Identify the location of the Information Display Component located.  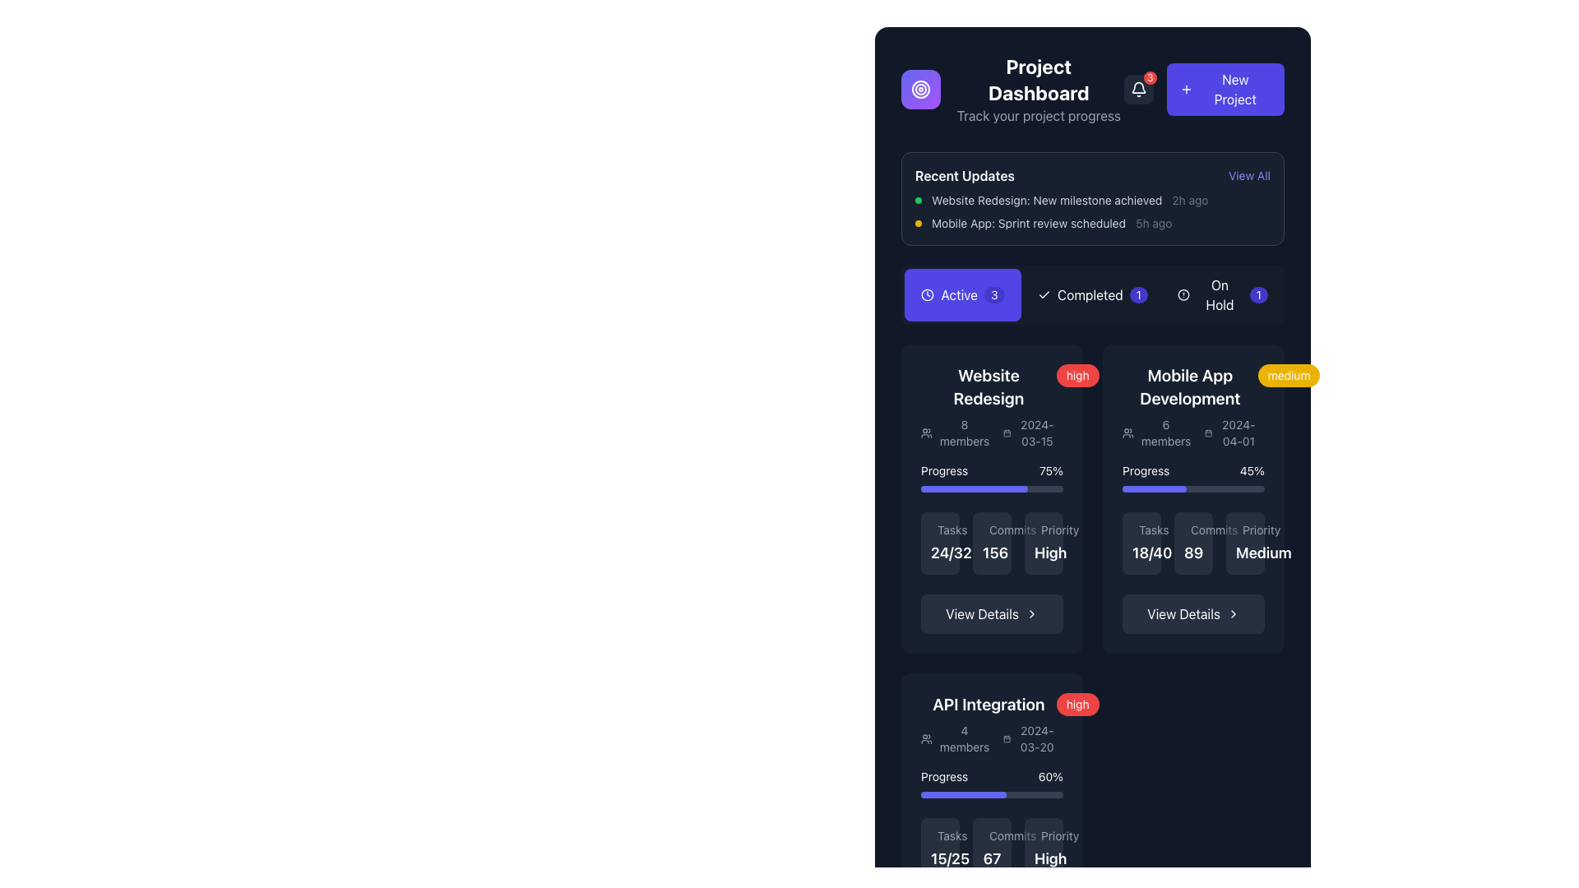
(1190, 406).